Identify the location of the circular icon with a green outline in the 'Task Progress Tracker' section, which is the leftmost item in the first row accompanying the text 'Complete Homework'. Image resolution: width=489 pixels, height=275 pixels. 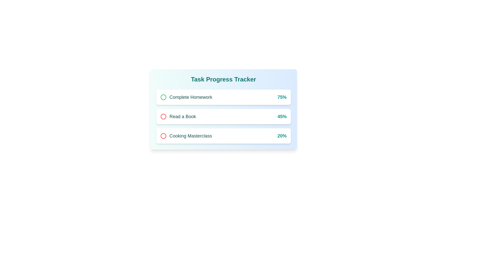
(163, 97).